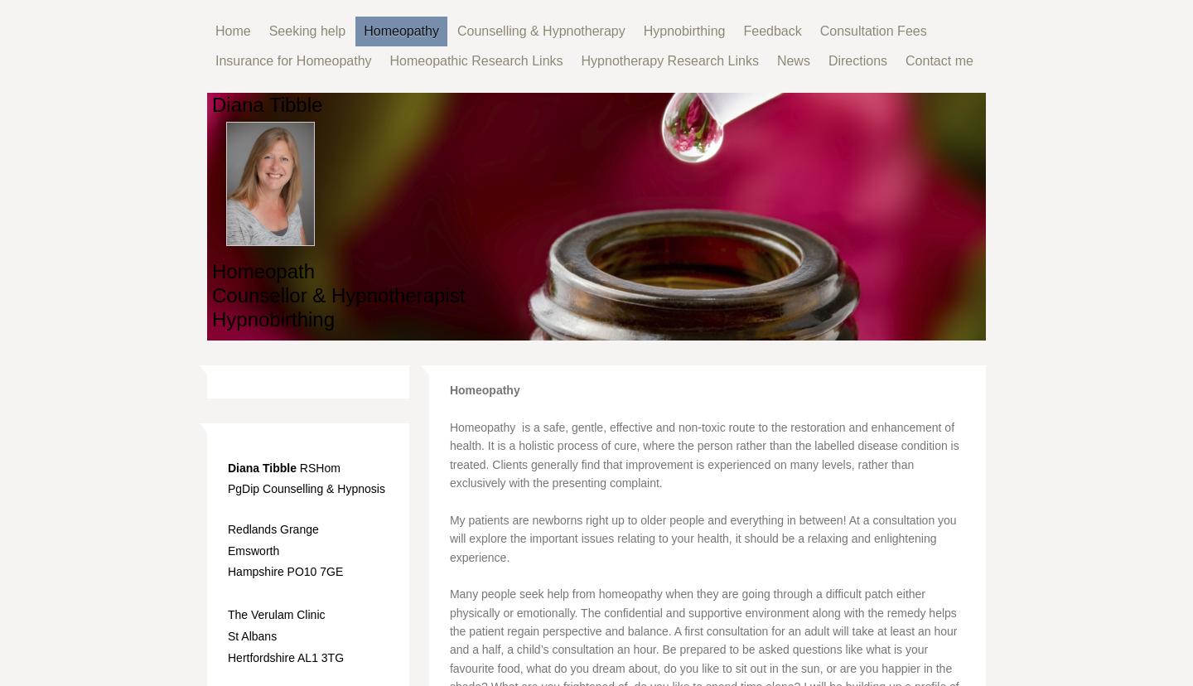  What do you see at coordinates (273, 528) in the screenshot?
I see `'Redlands Grange'` at bounding box center [273, 528].